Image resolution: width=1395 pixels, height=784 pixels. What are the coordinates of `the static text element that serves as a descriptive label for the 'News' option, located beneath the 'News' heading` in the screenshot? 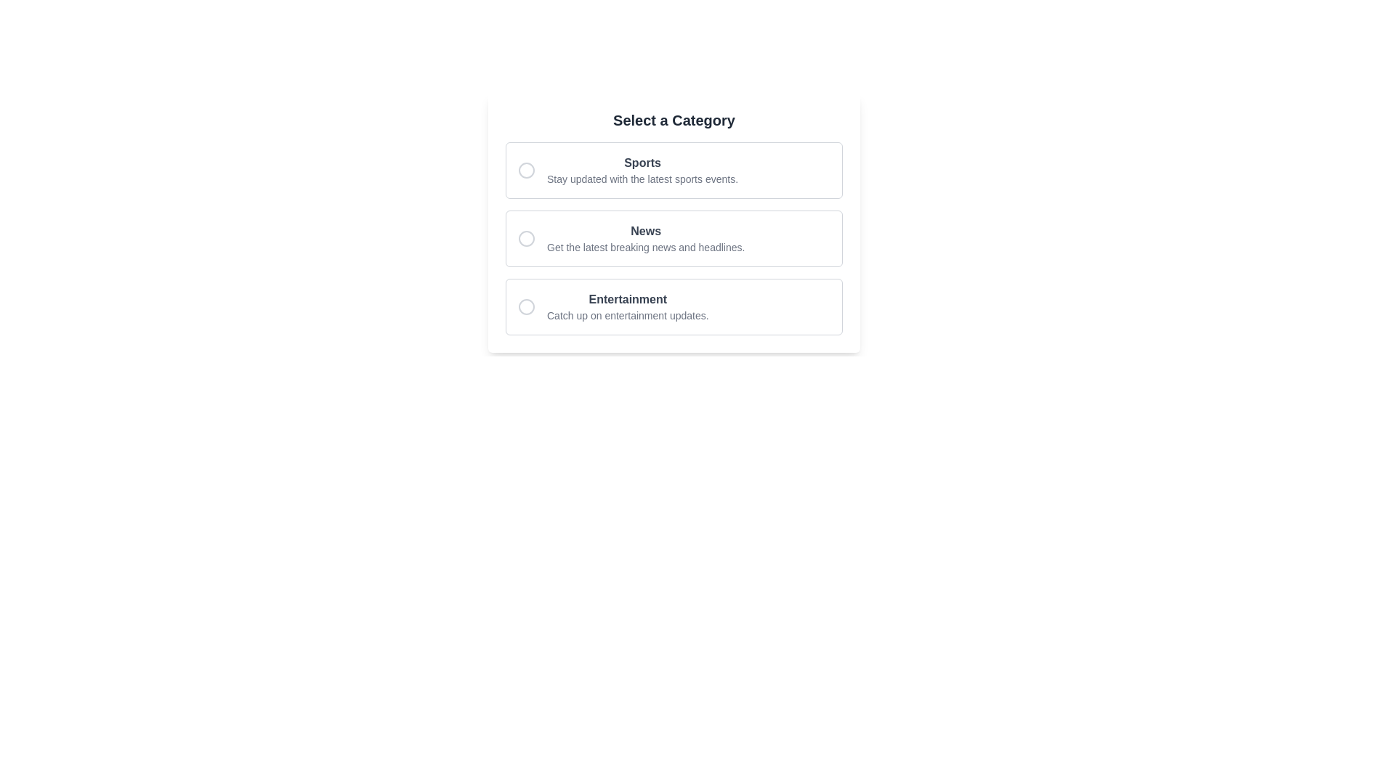 It's located at (645, 246).